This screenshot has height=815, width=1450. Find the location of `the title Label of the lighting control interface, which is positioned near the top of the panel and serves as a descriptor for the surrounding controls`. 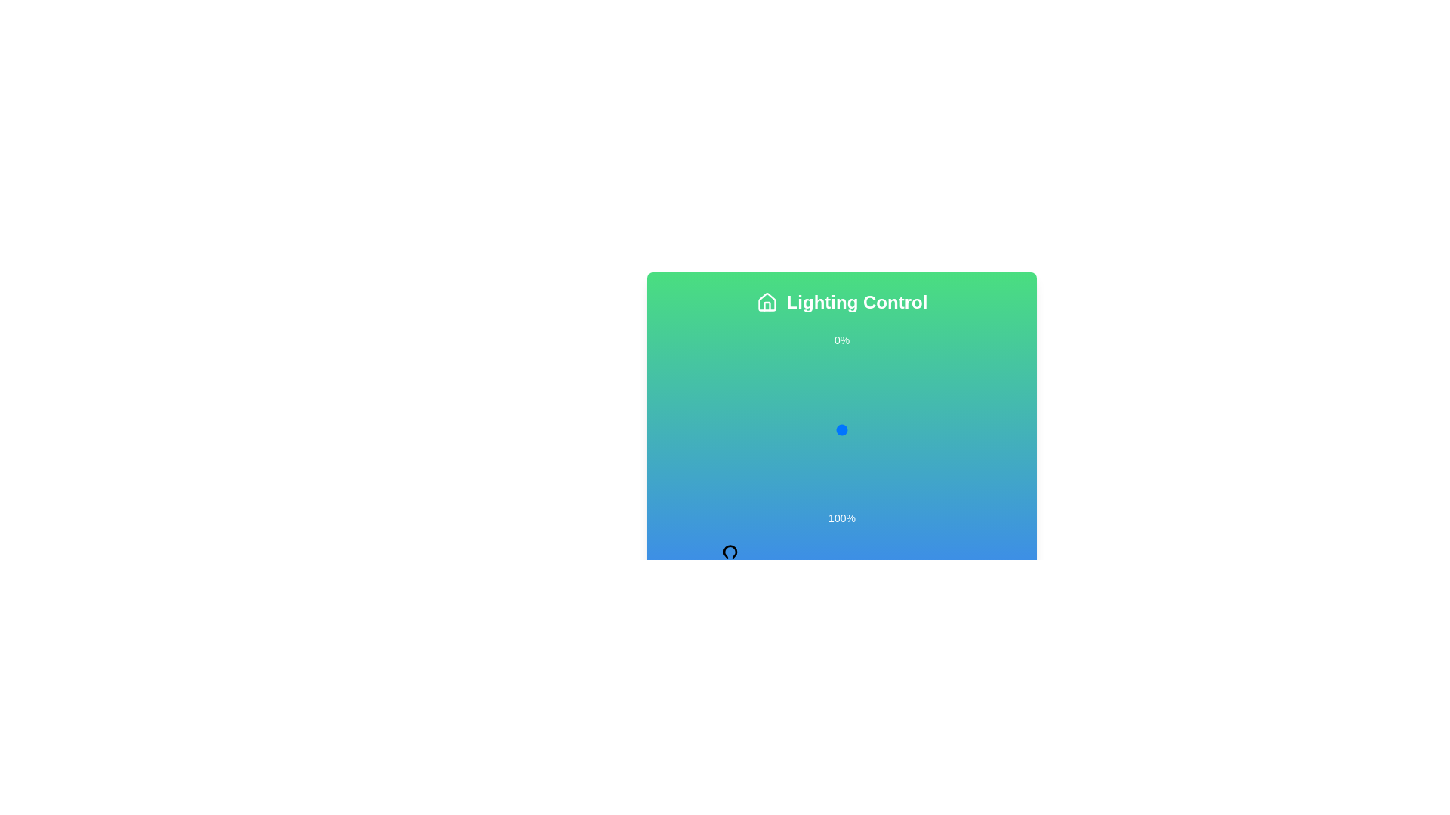

the title Label of the lighting control interface, which is positioned near the top of the panel and serves as a descriptor for the surrounding controls is located at coordinates (841, 303).